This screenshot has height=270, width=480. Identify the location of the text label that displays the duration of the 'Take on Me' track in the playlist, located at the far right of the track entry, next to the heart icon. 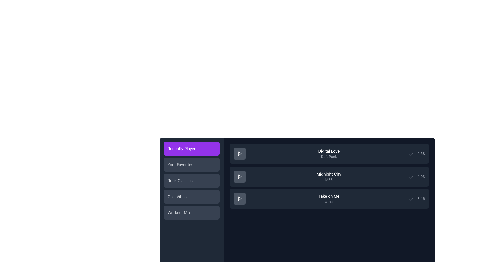
(421, 198).